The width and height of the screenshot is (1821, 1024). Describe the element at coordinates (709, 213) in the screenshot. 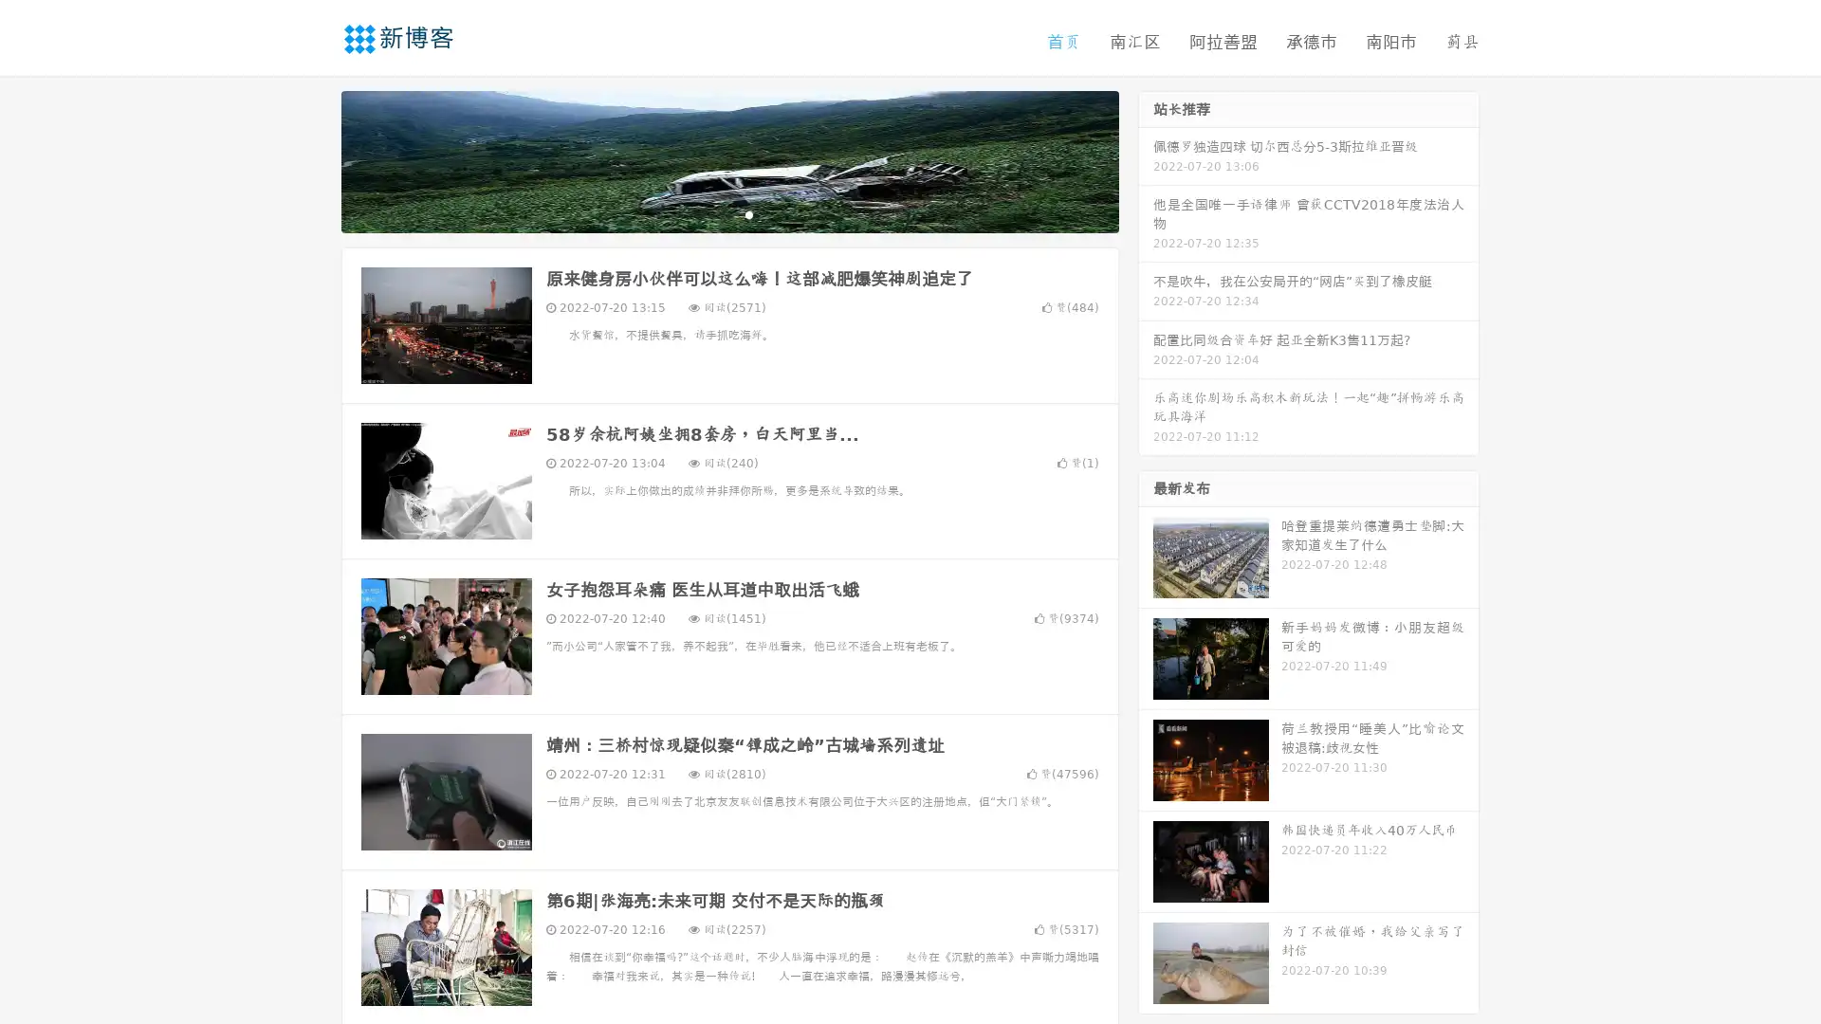

I see `Go to slide 1` at that location.